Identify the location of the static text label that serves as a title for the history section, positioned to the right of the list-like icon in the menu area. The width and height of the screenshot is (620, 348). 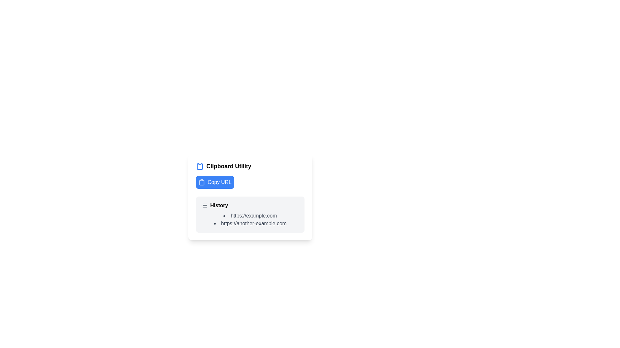
(219, 205).